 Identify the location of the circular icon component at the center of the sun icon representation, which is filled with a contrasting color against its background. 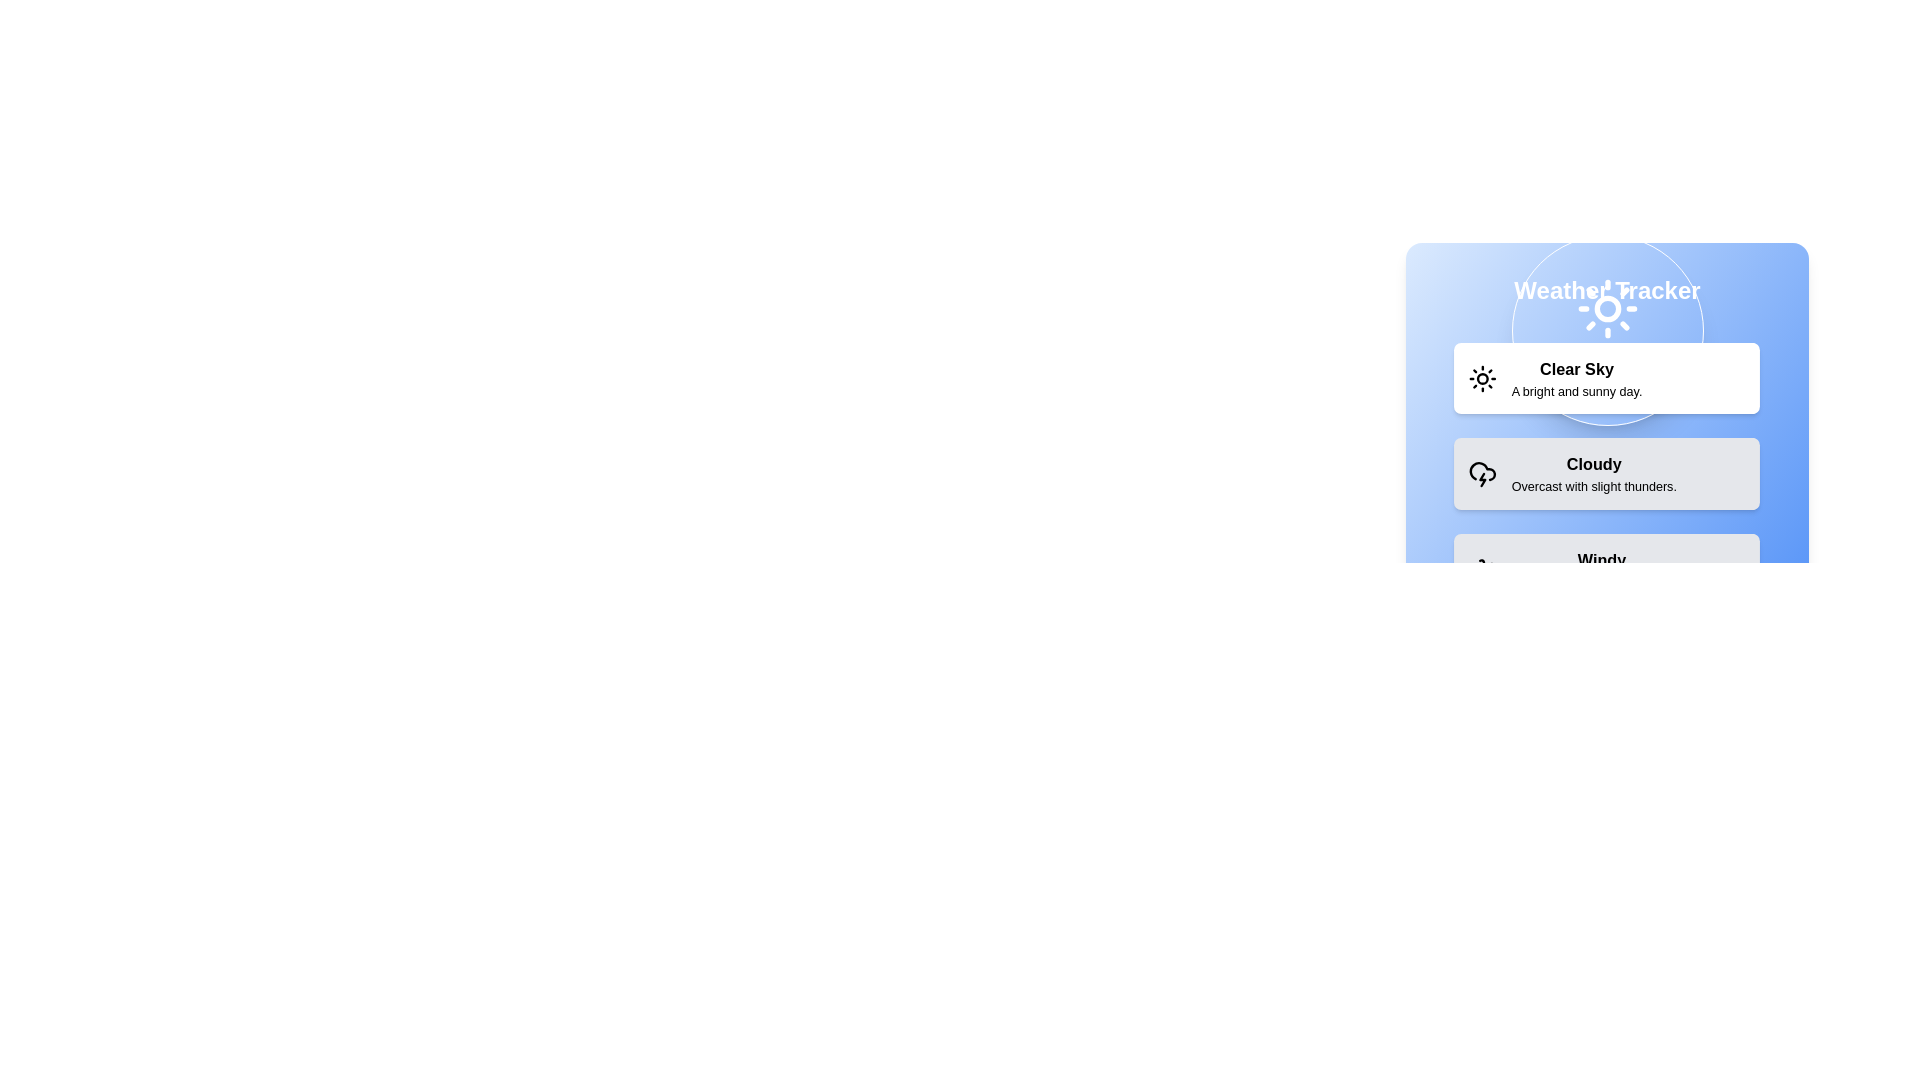
(1482, 379).